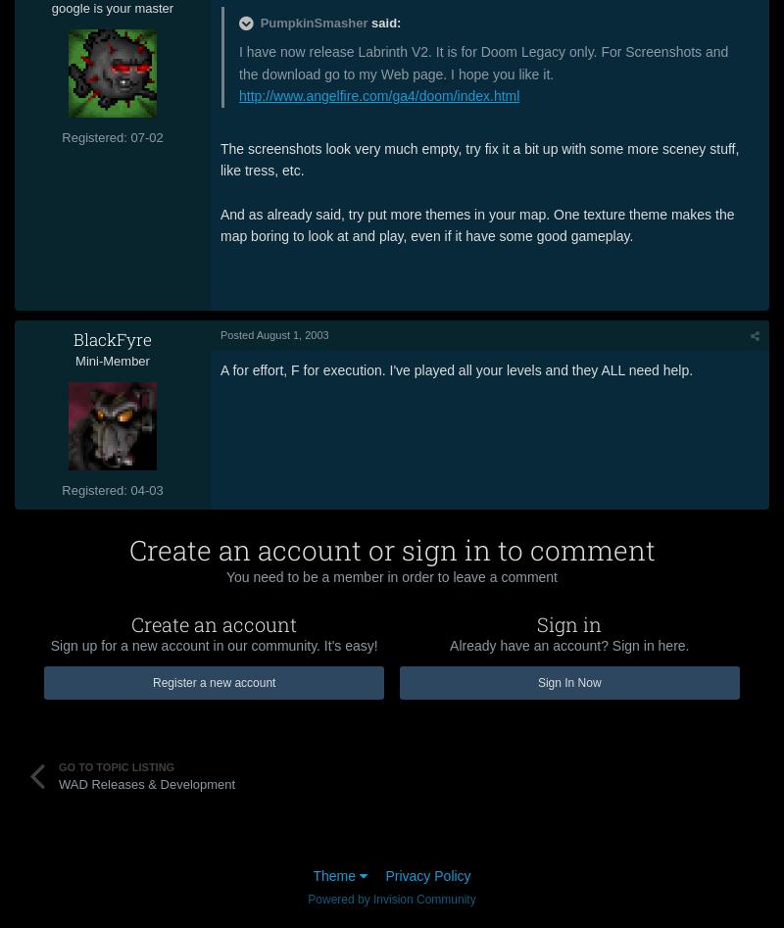  Describe the element at coordinates (390, 575) in the screenshot. I see `'You need to be a member in order to leave a comment'` at that location.